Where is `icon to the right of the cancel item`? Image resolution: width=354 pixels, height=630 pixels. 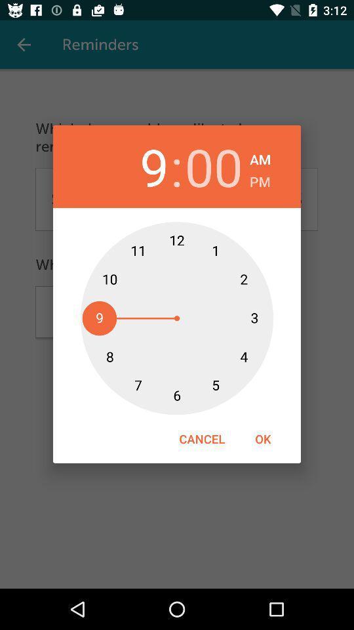
icon to the right of the cancel item is located at coordinates (263, 439).